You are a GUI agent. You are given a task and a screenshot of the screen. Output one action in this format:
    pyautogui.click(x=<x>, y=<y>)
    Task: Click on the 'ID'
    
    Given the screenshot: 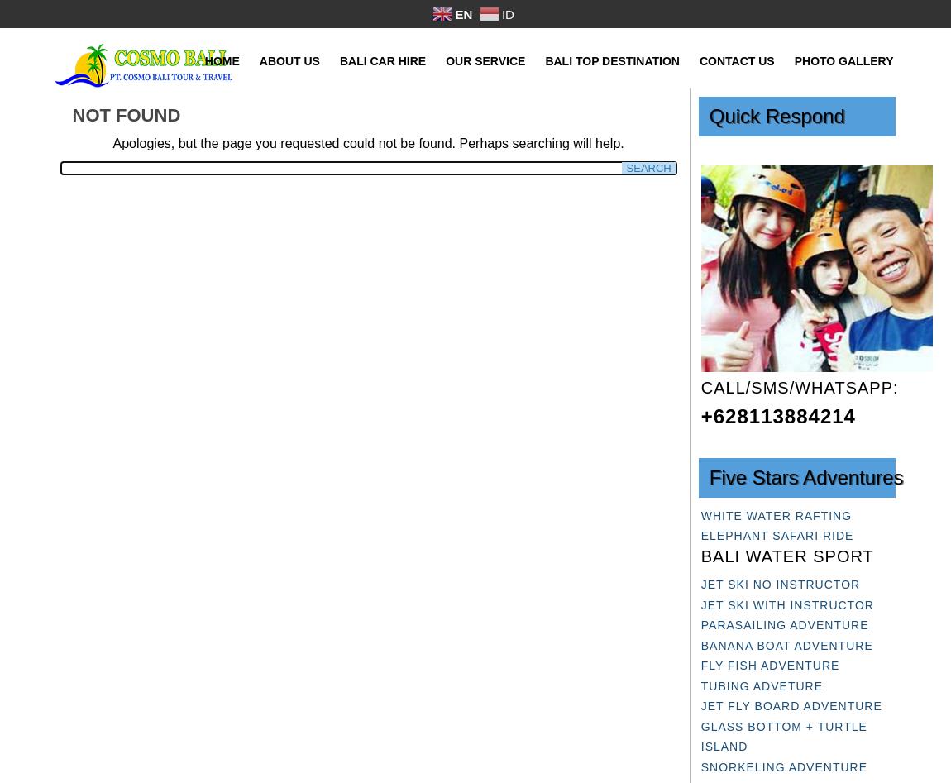 What is the action you would take?
    pyautogui.click(x=506, y=13)
    